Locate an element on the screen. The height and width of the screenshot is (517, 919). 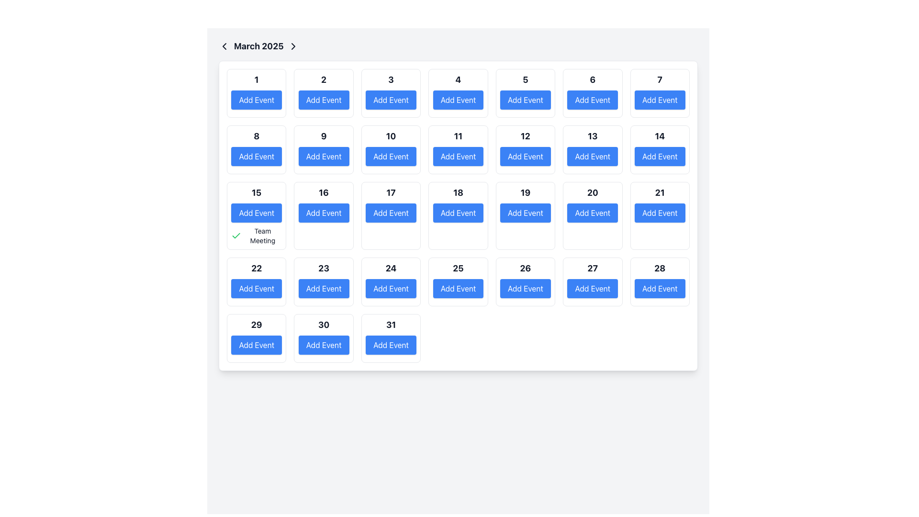
the calendar to view or edit details associated with the 23rd day, which includes clicking the 'Add Event' button within this element is located at coordinates (324, 281).